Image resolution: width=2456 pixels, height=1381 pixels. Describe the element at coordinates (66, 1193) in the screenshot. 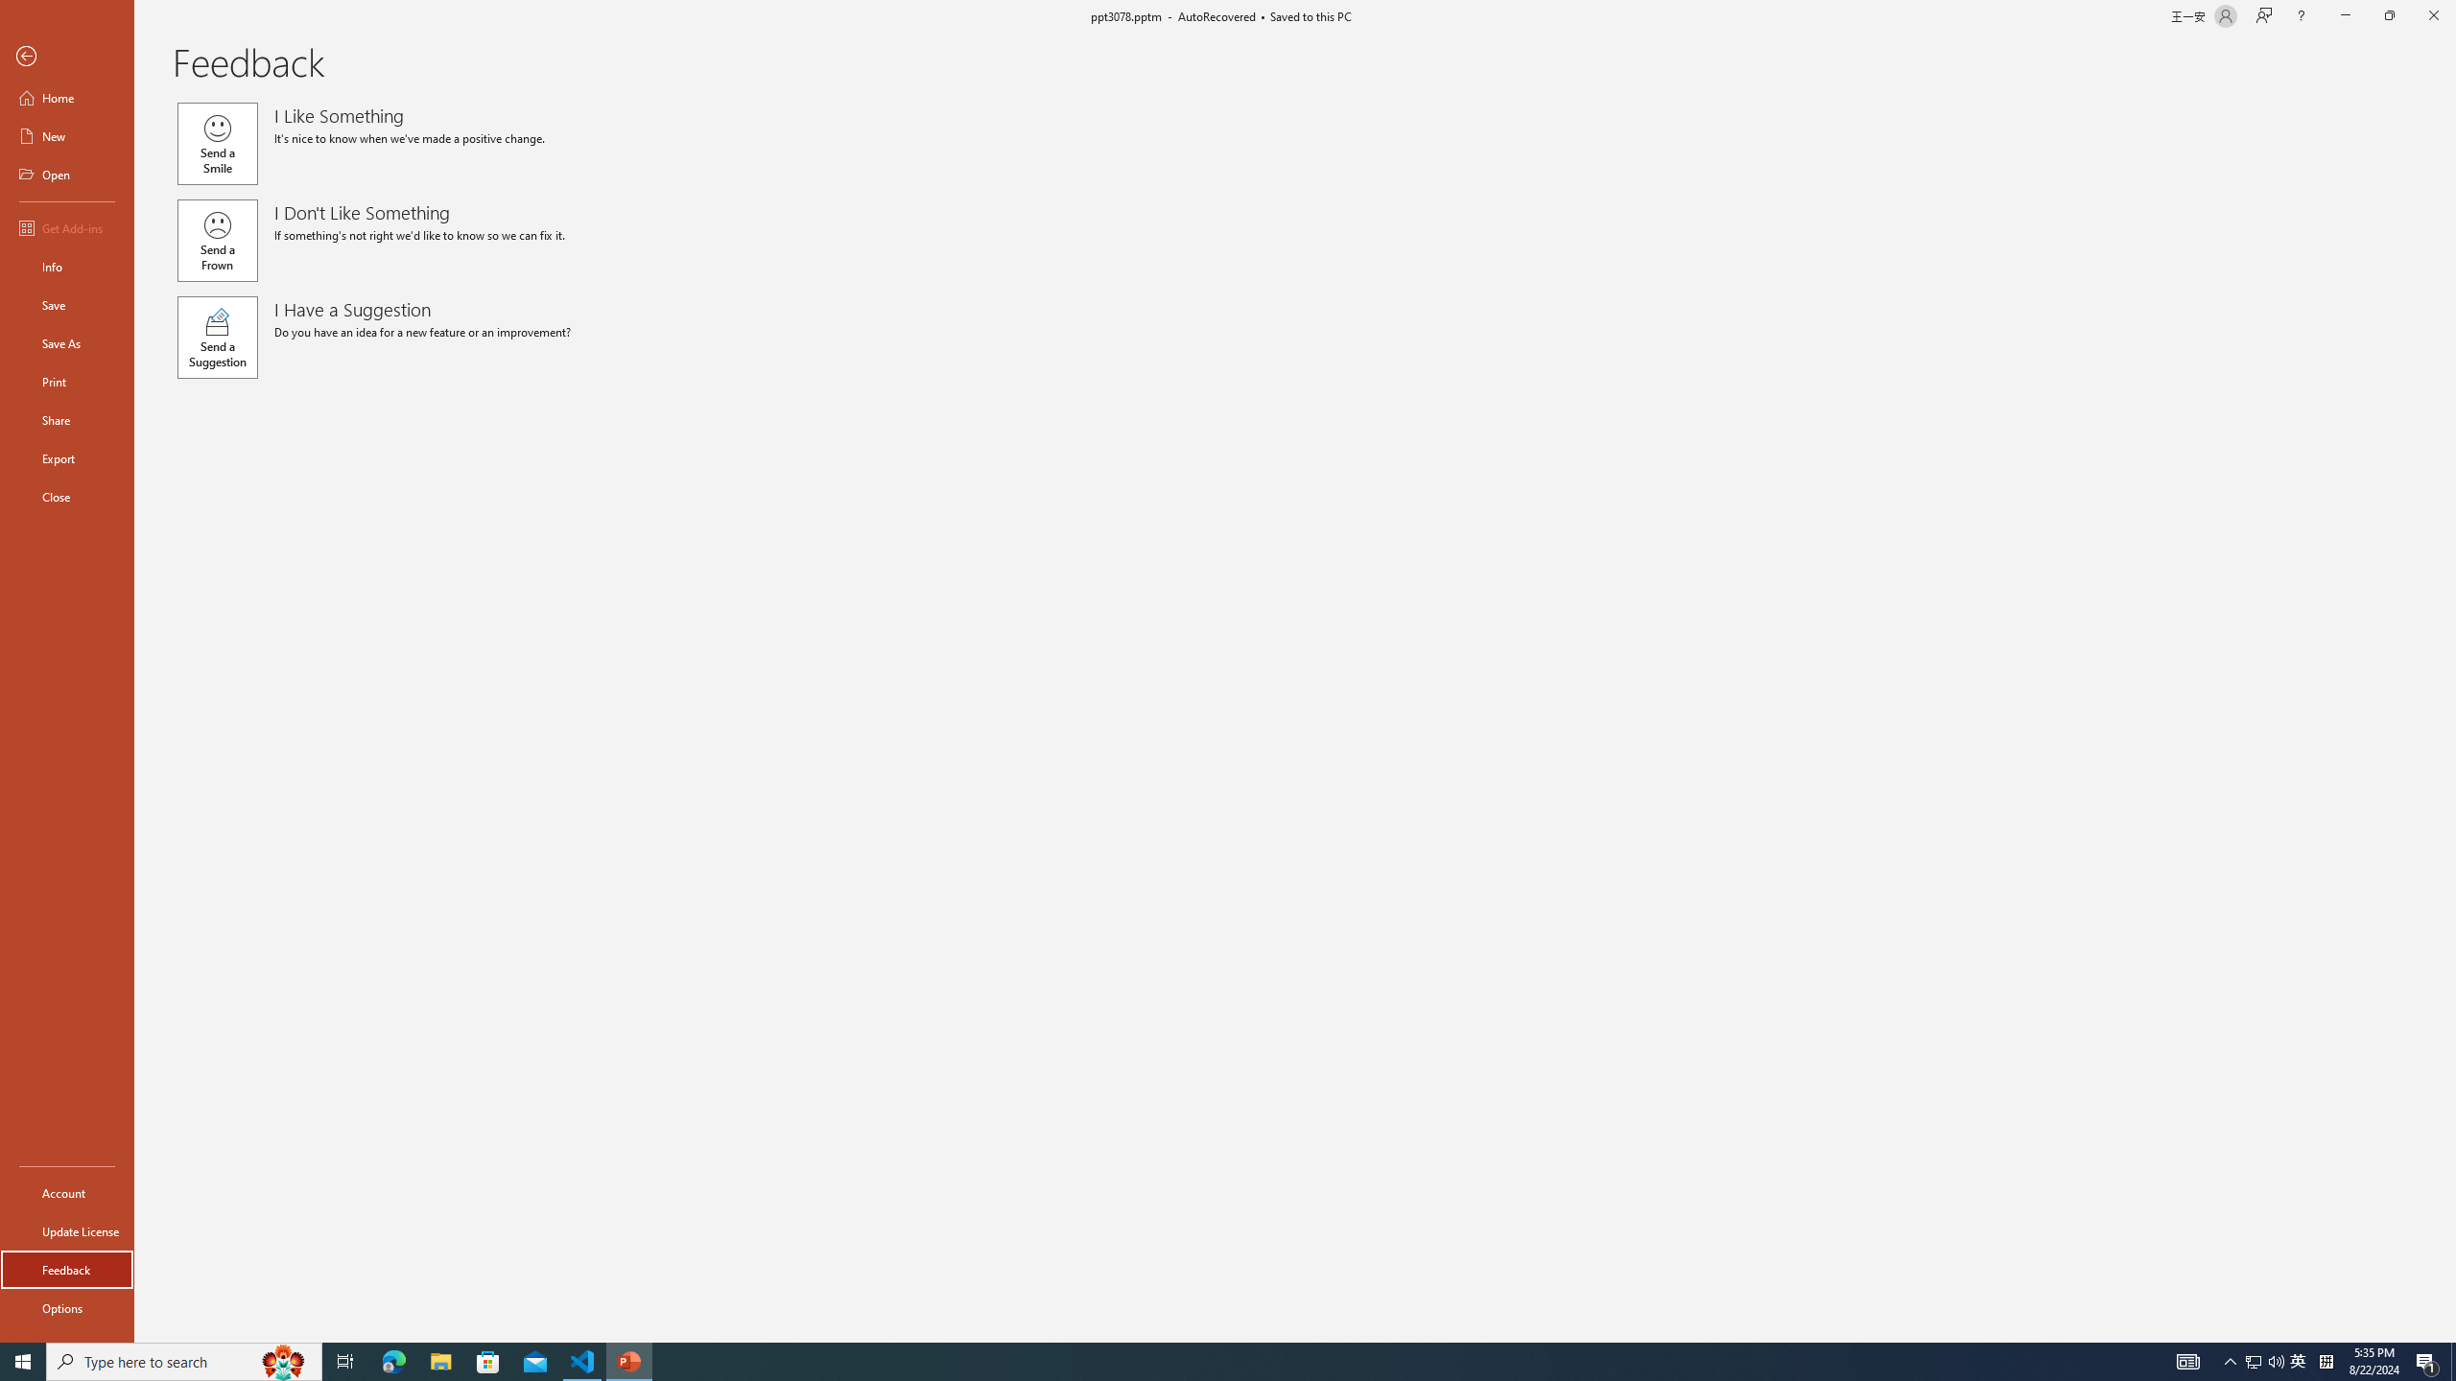

I see `'Account'` at that location.